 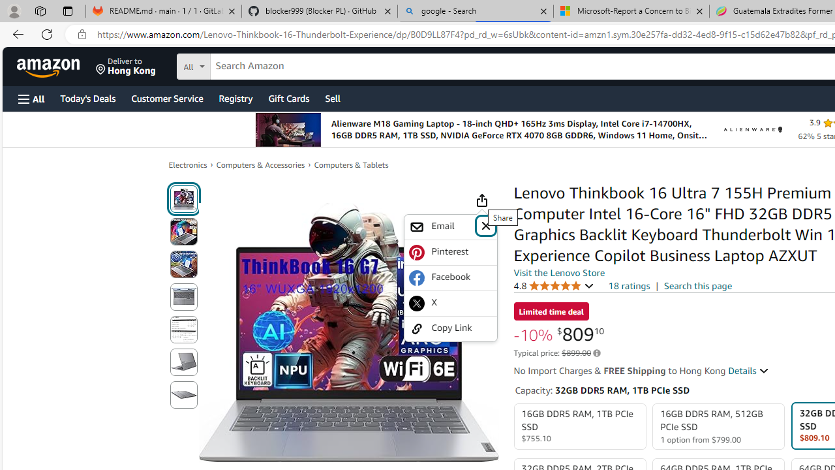 What do you see at coordinates (242, 65) in the screenshot?
I see `'Search in'` at bounding box center [242, 65].